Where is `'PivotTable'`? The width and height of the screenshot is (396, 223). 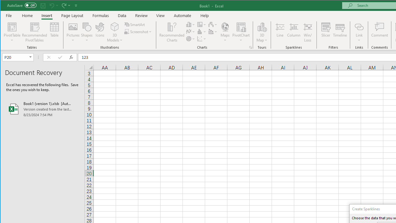 'PivotTable' is located at coordinates (12, 32).